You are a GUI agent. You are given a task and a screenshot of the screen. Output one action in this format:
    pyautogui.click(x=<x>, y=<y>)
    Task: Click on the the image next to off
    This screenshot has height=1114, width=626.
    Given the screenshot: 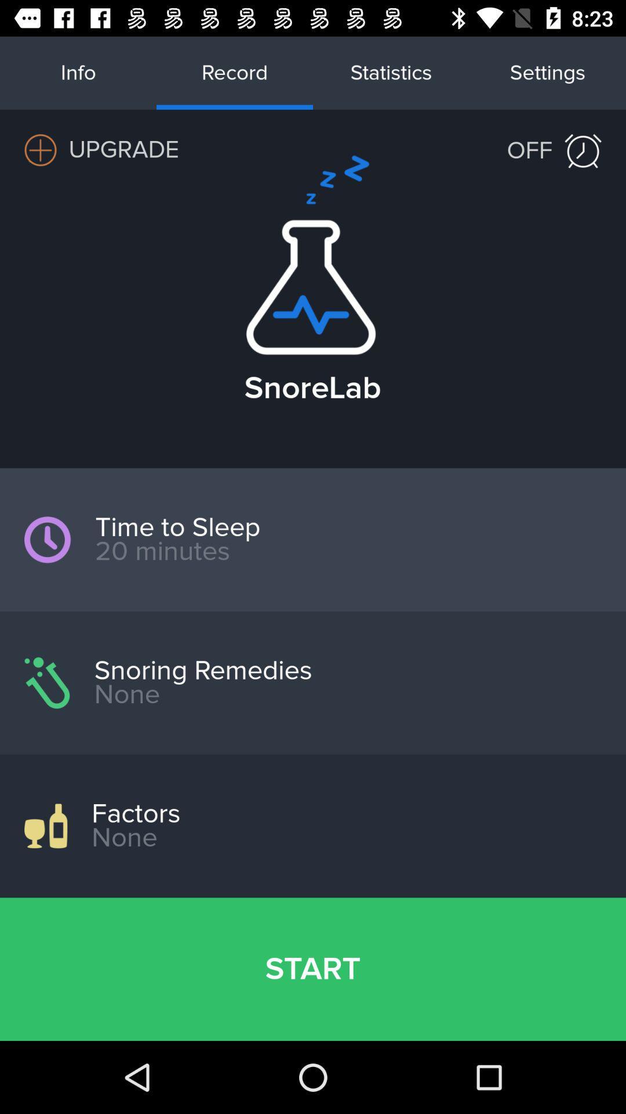 What is the action you would take?
    pyautogui.click(x=583, y=150)
    